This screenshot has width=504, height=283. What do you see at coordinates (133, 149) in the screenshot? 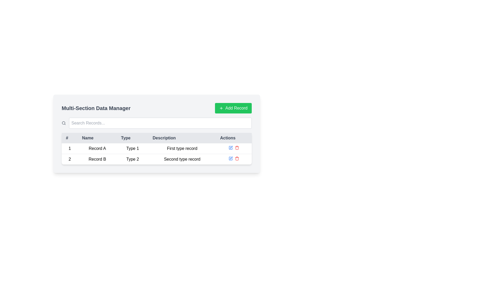
I see `the text label displaying 'Type 1' located in the third column of the 'Multi-Section Data Manager' table` at bounding box center [133, 149].